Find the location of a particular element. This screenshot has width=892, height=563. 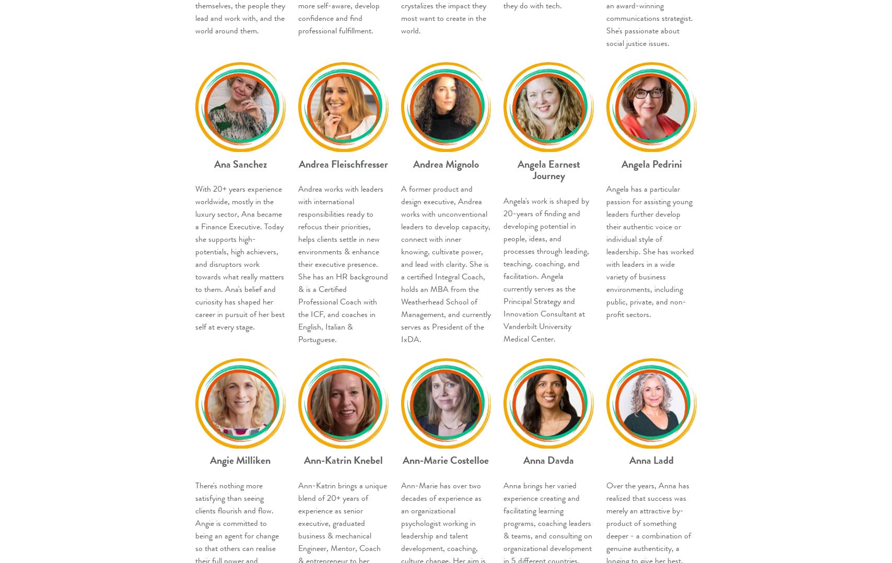

'Anna Davda' is located at coordinates (548, 460).